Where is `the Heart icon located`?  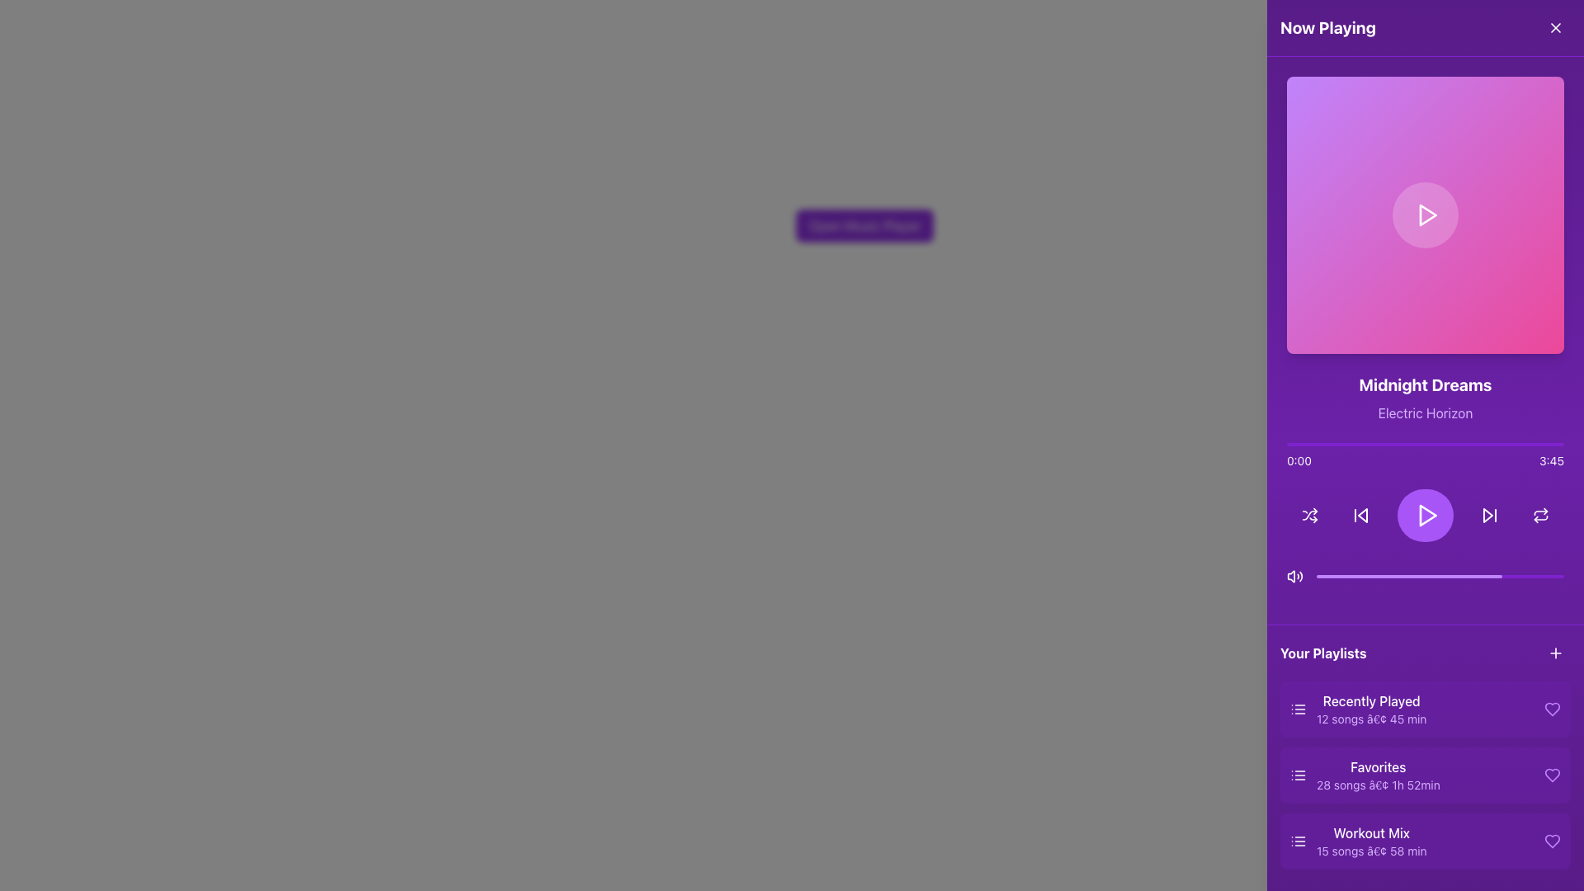
the Heart icon located is located at coordinates (1551, 775).